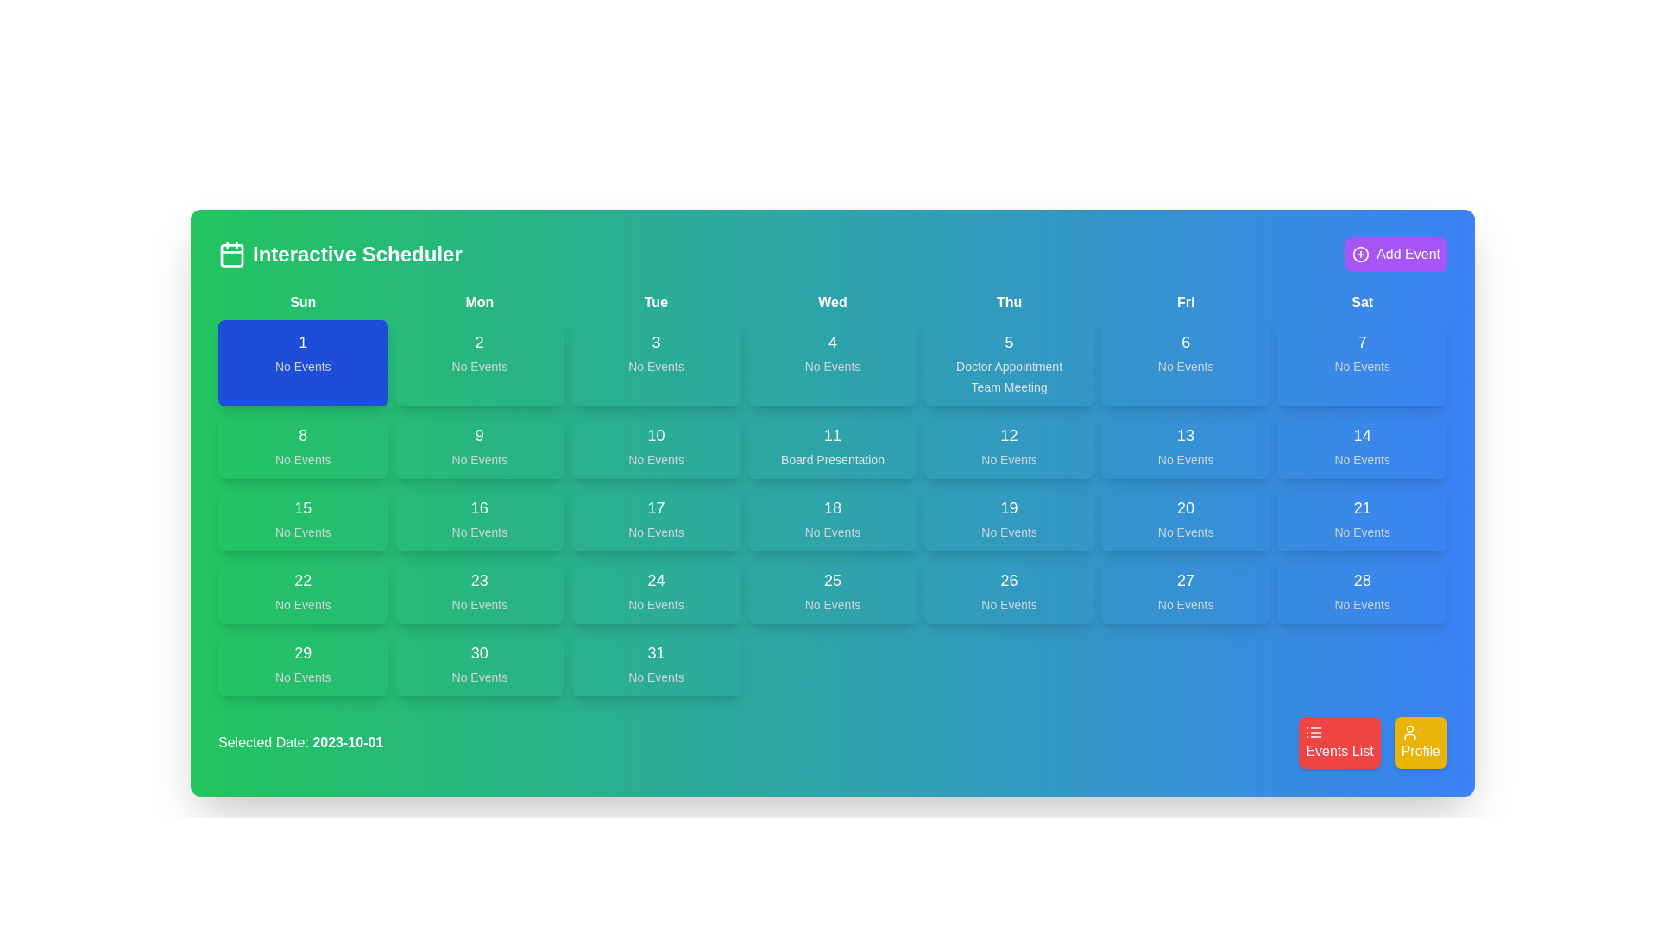 Image resolution: width=1657 pixels, height=932 pixels. Describe the element at coordinates (303, 662) in the screenshot. I see `the calendar date cell displaying '29'` at that location.